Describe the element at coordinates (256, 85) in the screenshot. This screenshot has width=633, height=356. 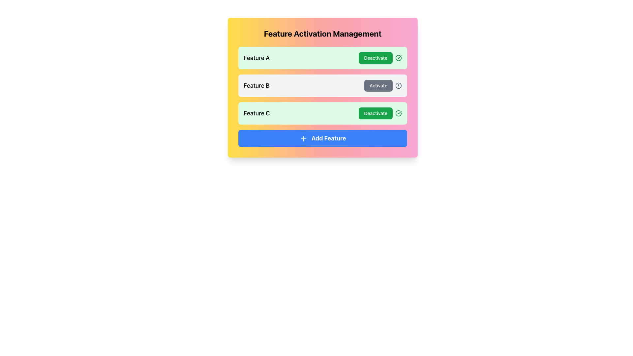
I see `the text label displaying 'Feature B', which is centrally located in the second row of feature items and positioned to the left of the 'Activate' button` at that location.